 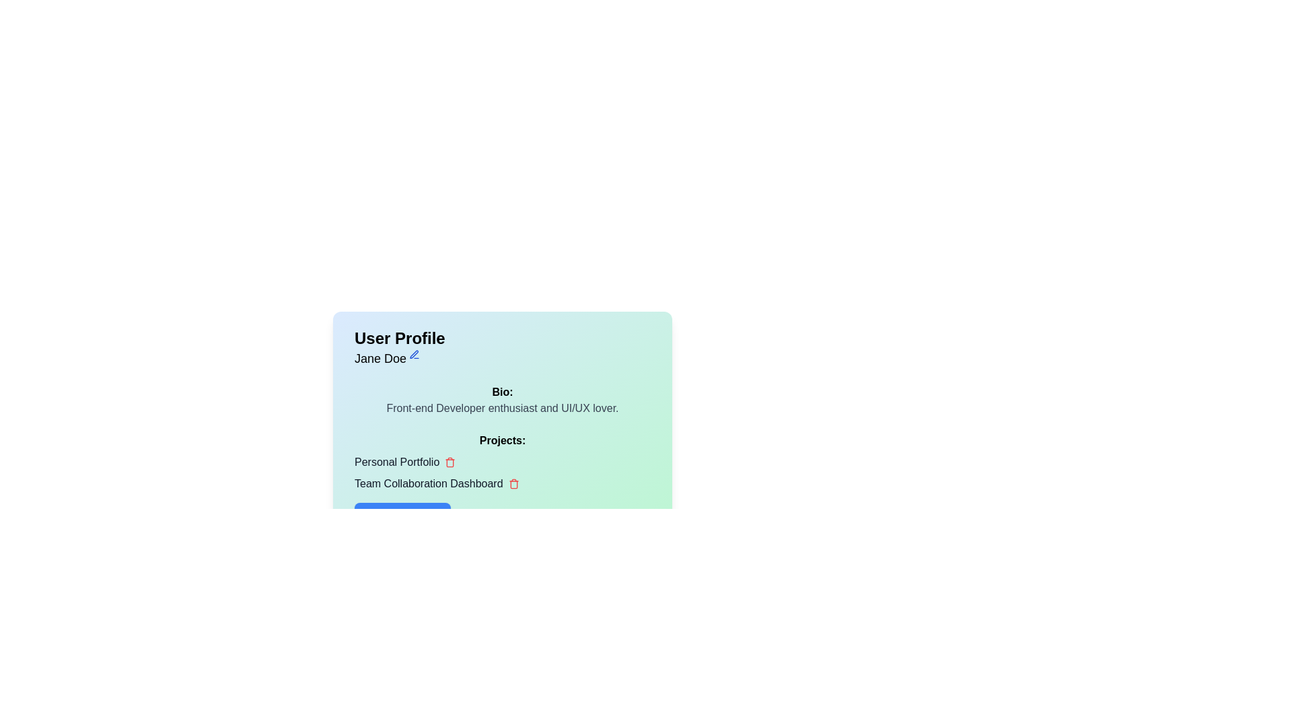 What do you see at coordinates (414, 354) in the screenshot?
I see `the blue pen-shaped icon button representing the edit function located immediately to the right of the user's name 'Jane Doe' in the profile section` at bounding box center [414, 354].